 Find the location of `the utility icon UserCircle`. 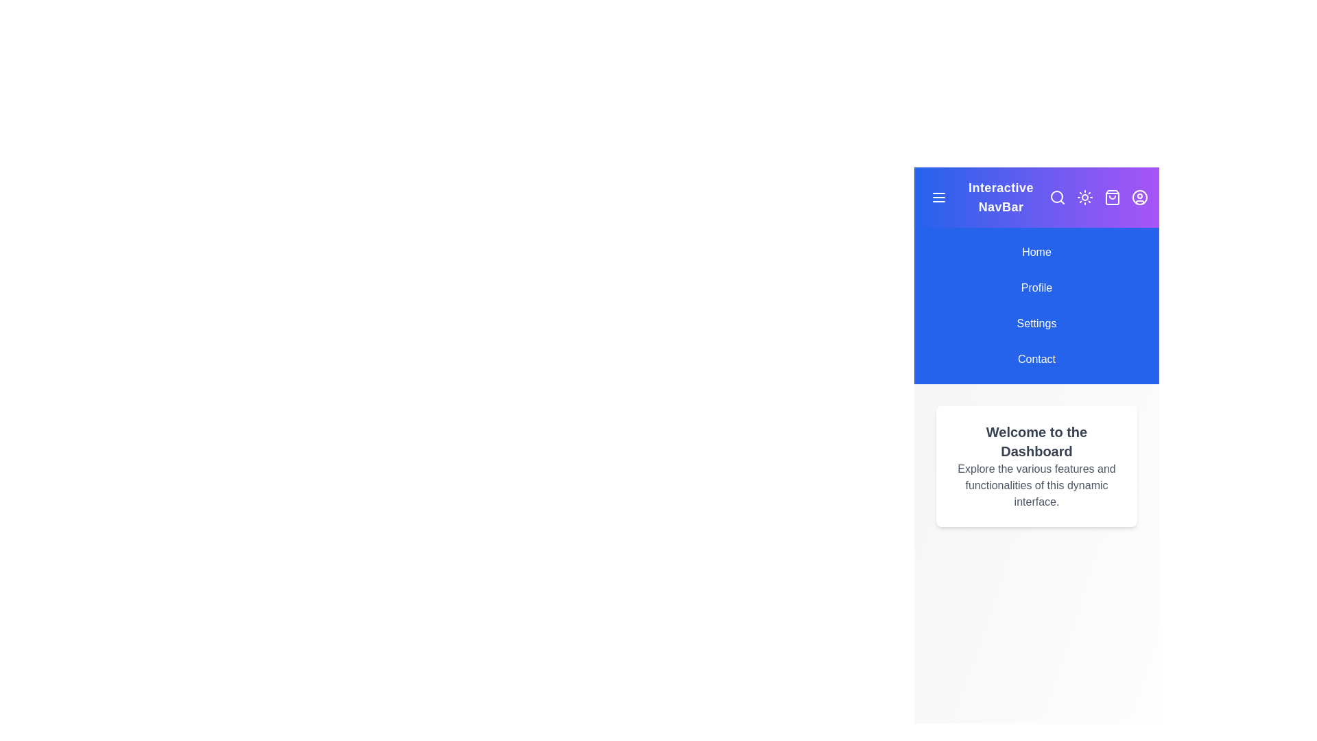

the utility icon UserCircle is located at coordinates (1139, 198).